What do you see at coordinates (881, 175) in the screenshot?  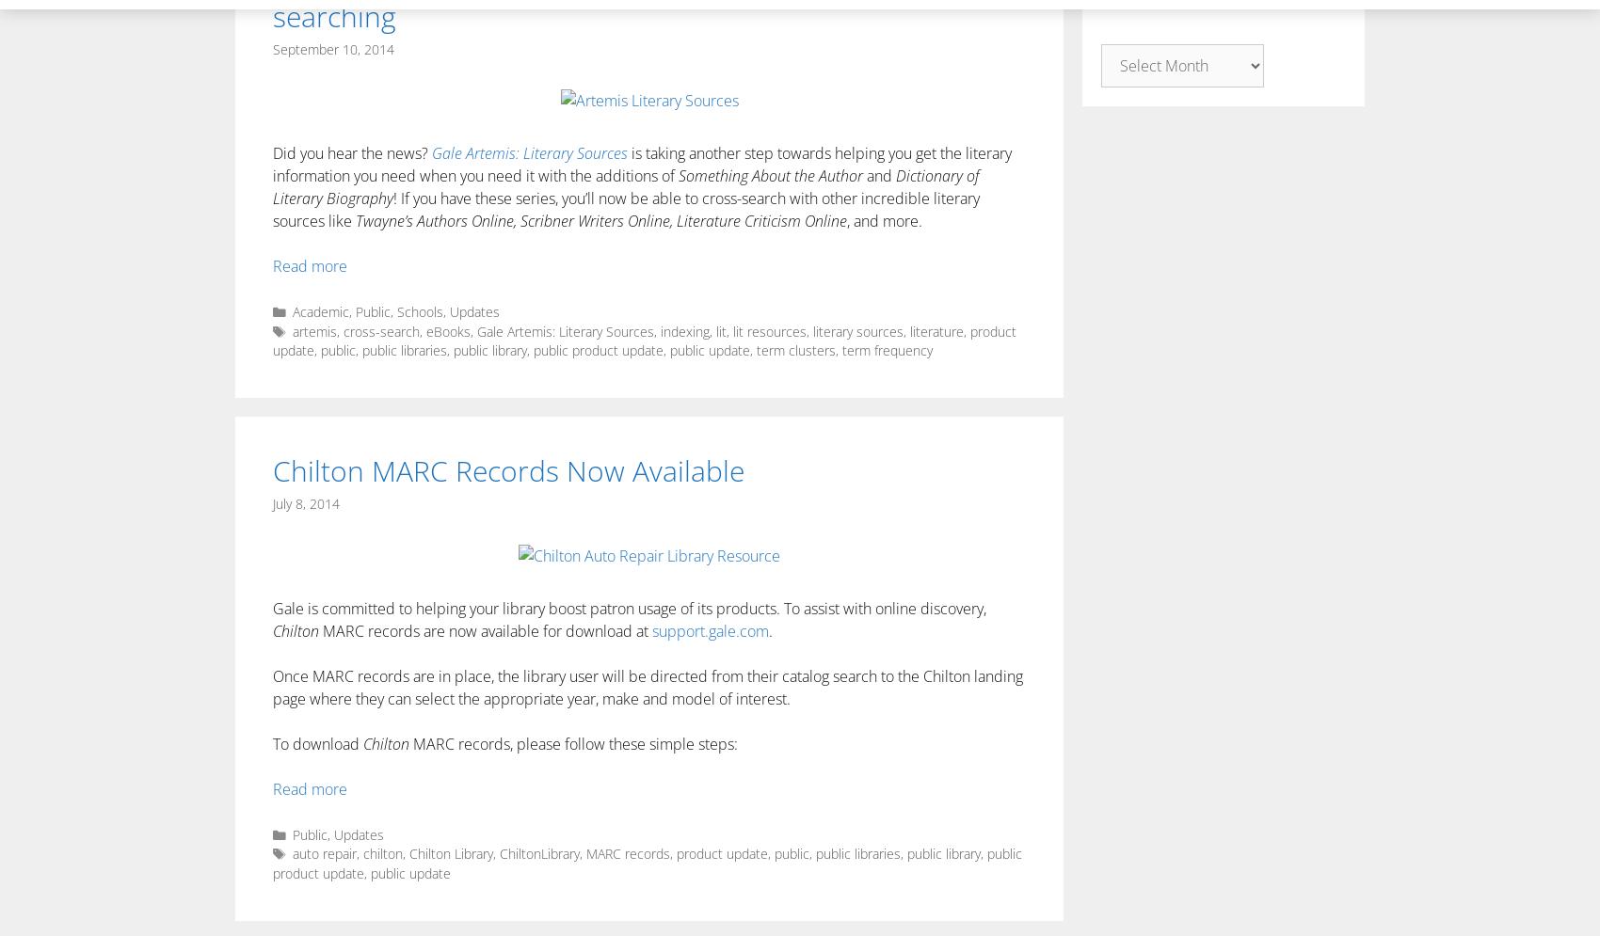 I see `'and'` at bounding box center [881, 175].